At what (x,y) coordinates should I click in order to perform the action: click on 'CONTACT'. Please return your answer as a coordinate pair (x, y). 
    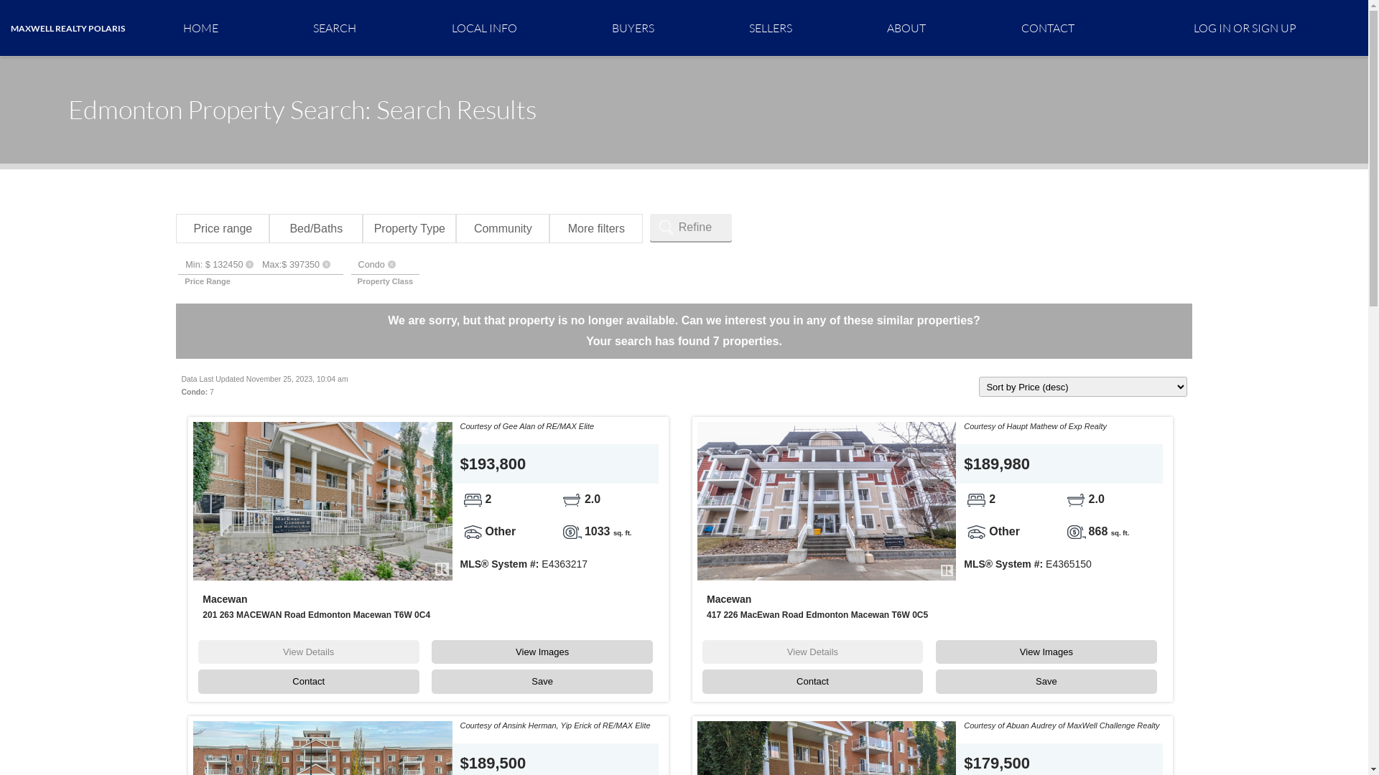
    Looking at the image, I should click on (1048, 27).